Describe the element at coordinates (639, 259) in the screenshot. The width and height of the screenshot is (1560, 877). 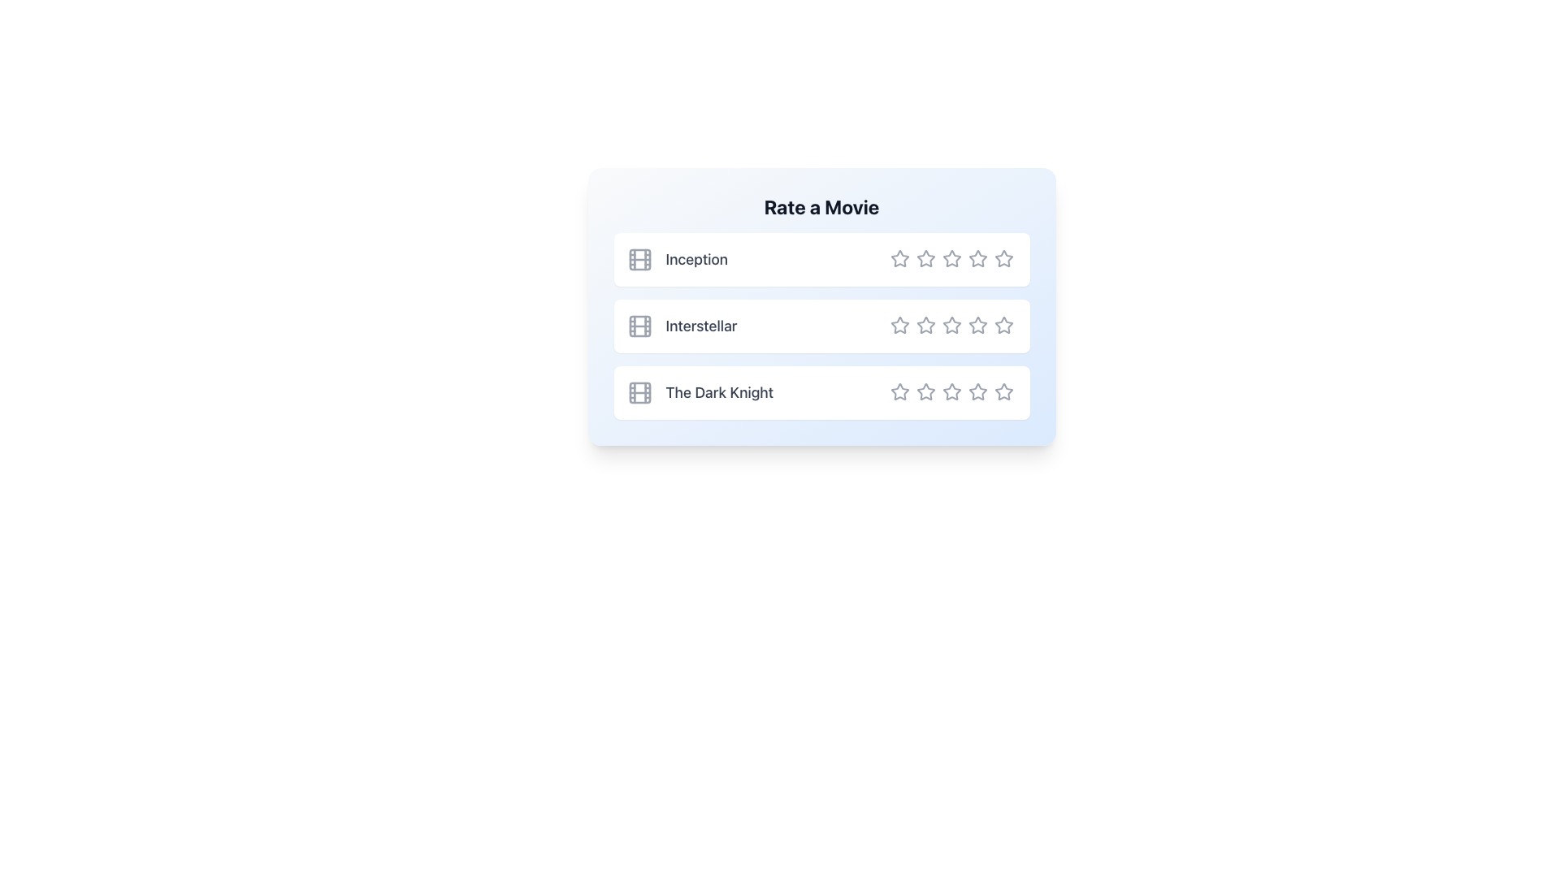
I see `the decorative icon representing movies, located immediately to the left of the text 'Inception' in the top row of the list` at that location.